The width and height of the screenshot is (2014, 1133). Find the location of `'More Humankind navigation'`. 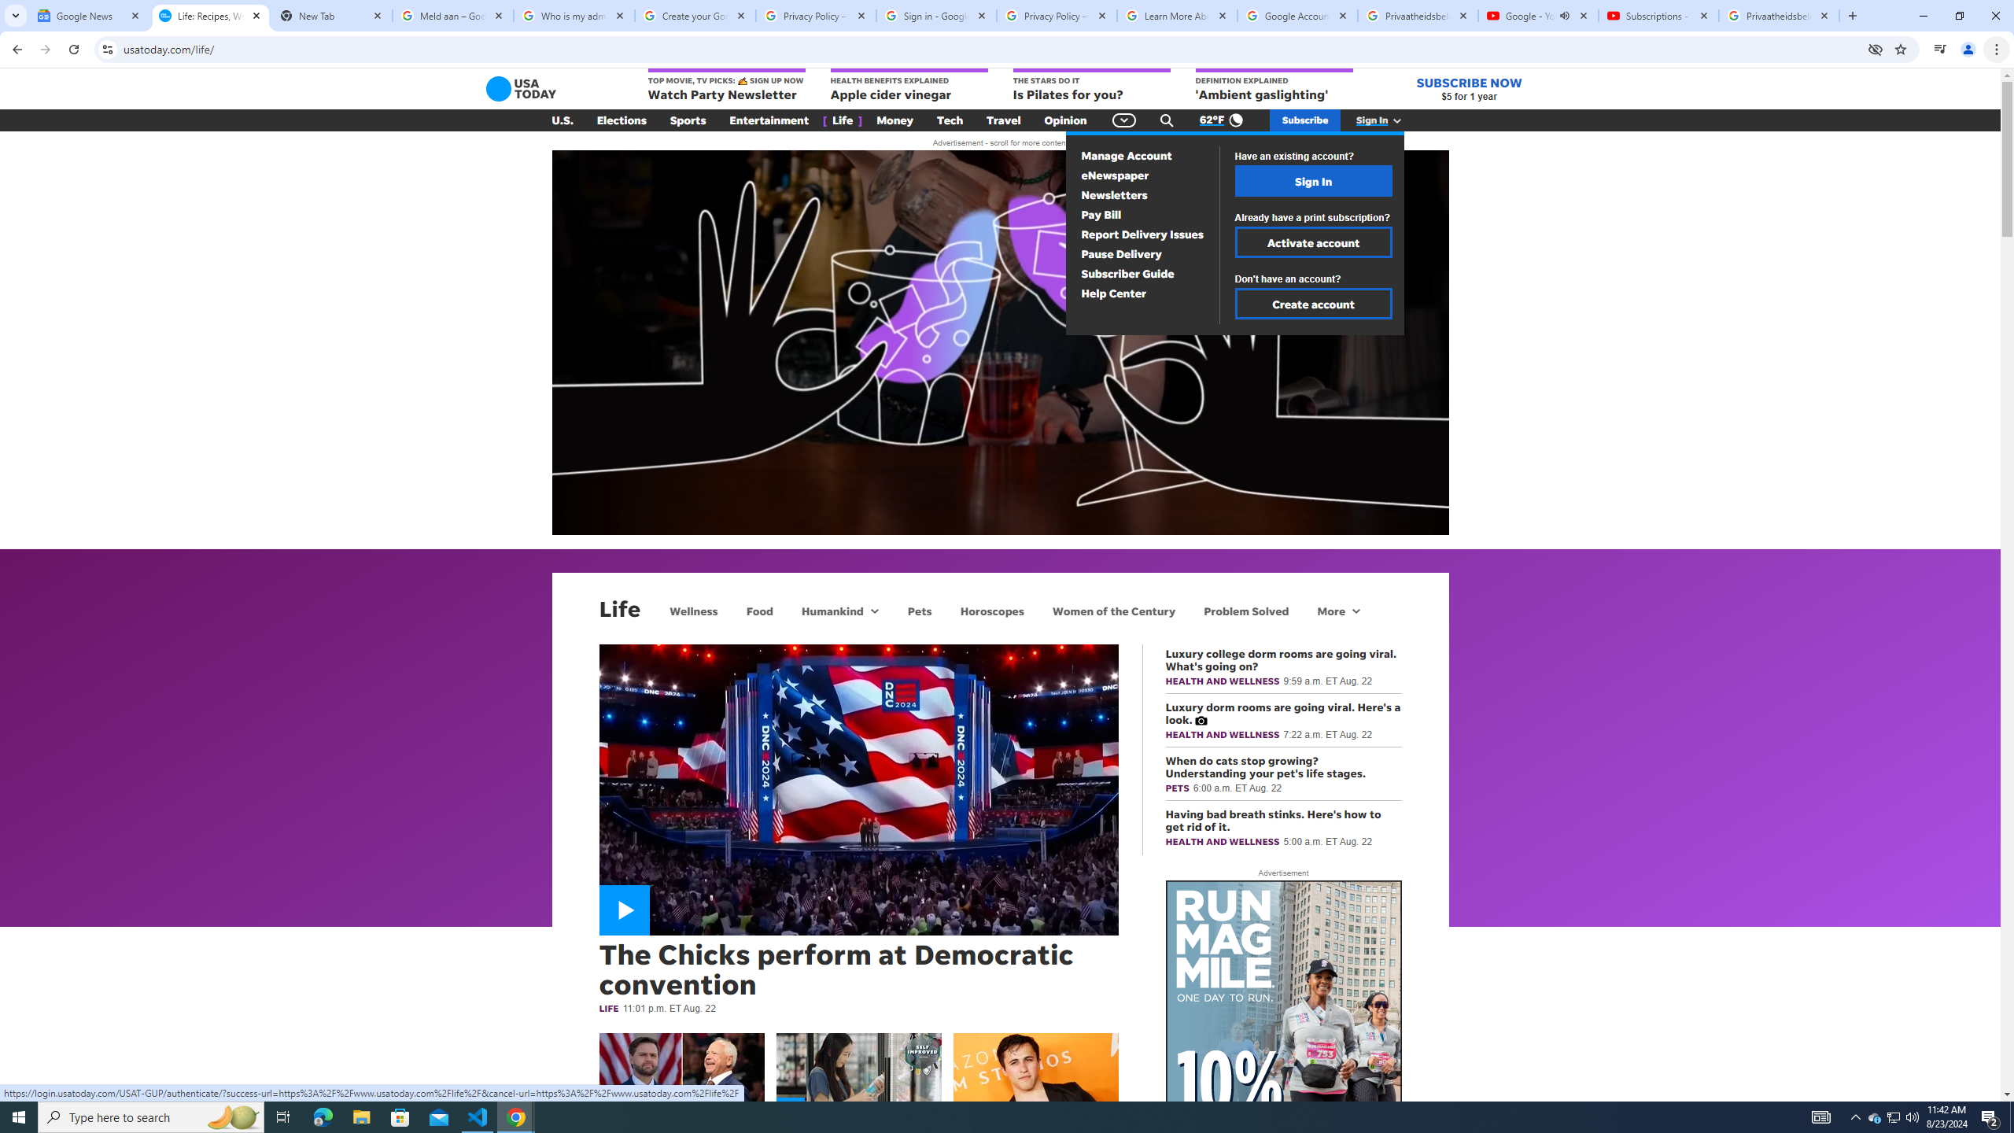

'More Humankind navigation' is located at coordinates (873, 610).